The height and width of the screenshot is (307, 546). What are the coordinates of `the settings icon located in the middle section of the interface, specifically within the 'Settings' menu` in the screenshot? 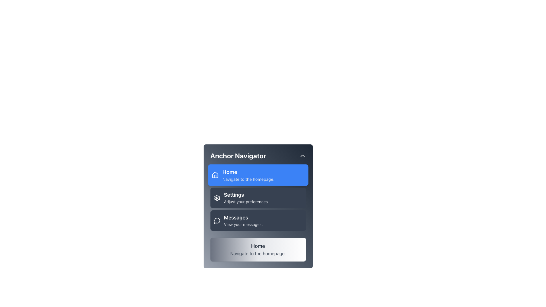 It's located at (217, 197).